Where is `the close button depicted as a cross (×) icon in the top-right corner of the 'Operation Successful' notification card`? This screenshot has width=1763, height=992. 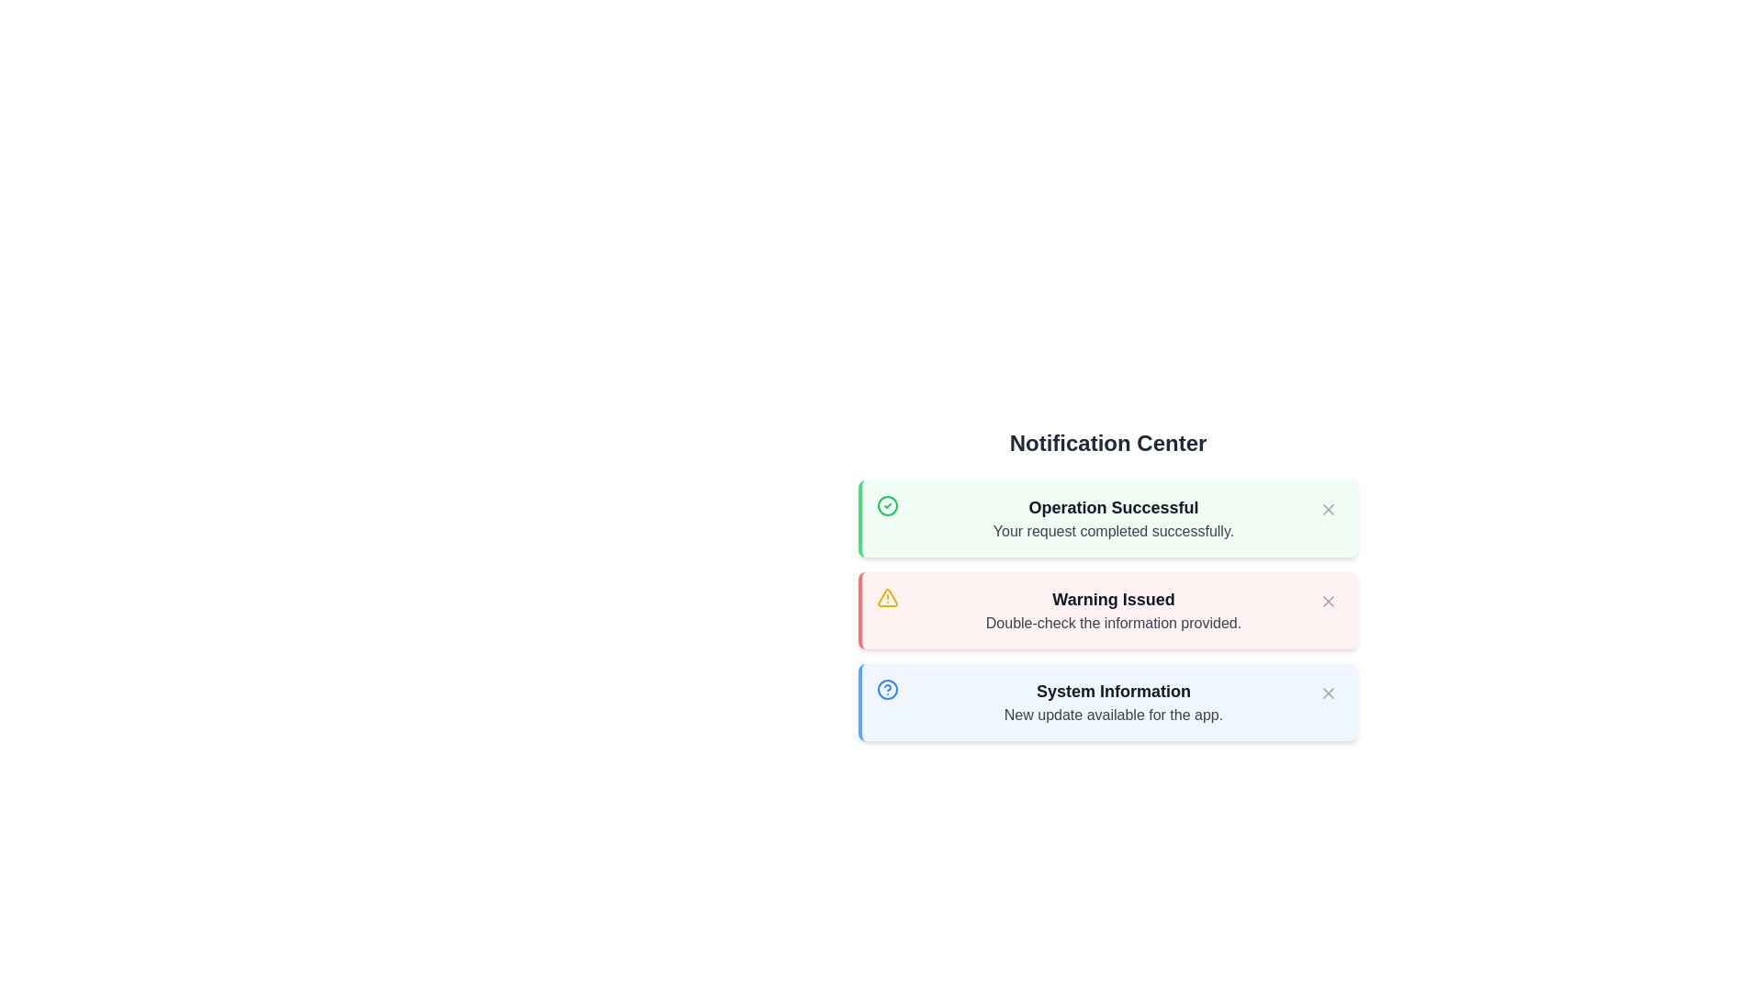 the close button depicted as a cross (×) icon in the top-right corner of the 'Operation Successful' notification card is located at coordinates (1328, 510).